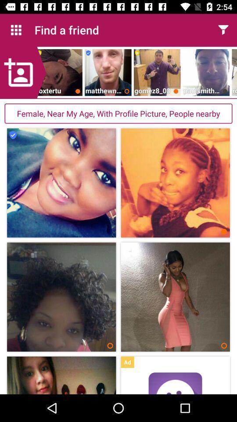  I want to click on in app advertisement, so click(175, 383).